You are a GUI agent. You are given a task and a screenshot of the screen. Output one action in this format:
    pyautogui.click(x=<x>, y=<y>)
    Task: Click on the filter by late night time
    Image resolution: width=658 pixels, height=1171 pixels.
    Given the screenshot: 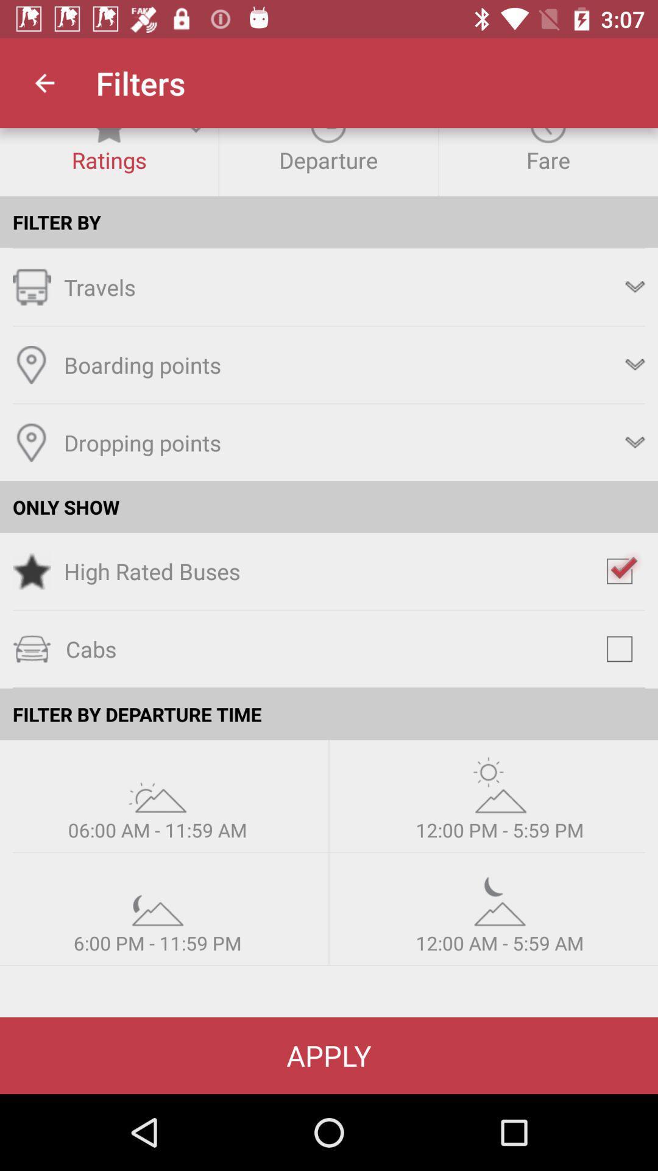 What is the action you would take?
    pyautogui.click(x=500, y=898)
    